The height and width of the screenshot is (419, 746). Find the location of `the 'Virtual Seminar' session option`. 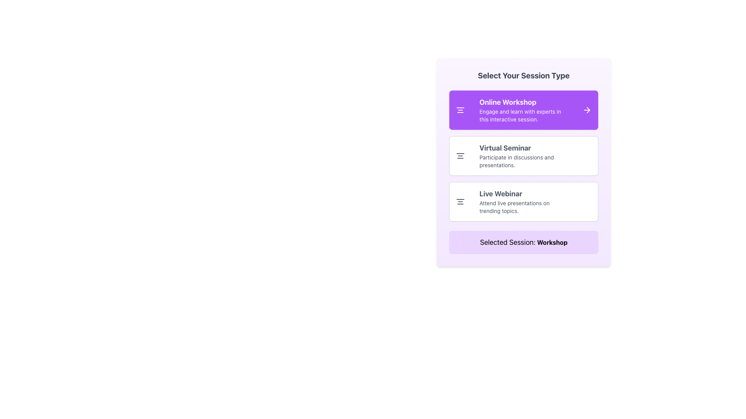

the 'Virtual Seminar' session option is located at coordinates (524, 156).